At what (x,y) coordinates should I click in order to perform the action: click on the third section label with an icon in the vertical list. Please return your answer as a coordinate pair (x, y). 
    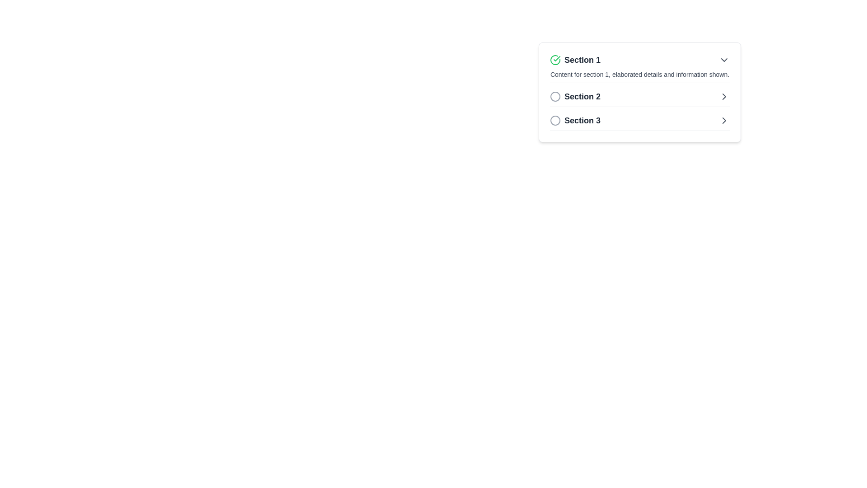
    Looking at the image, I should click on (575, 120).